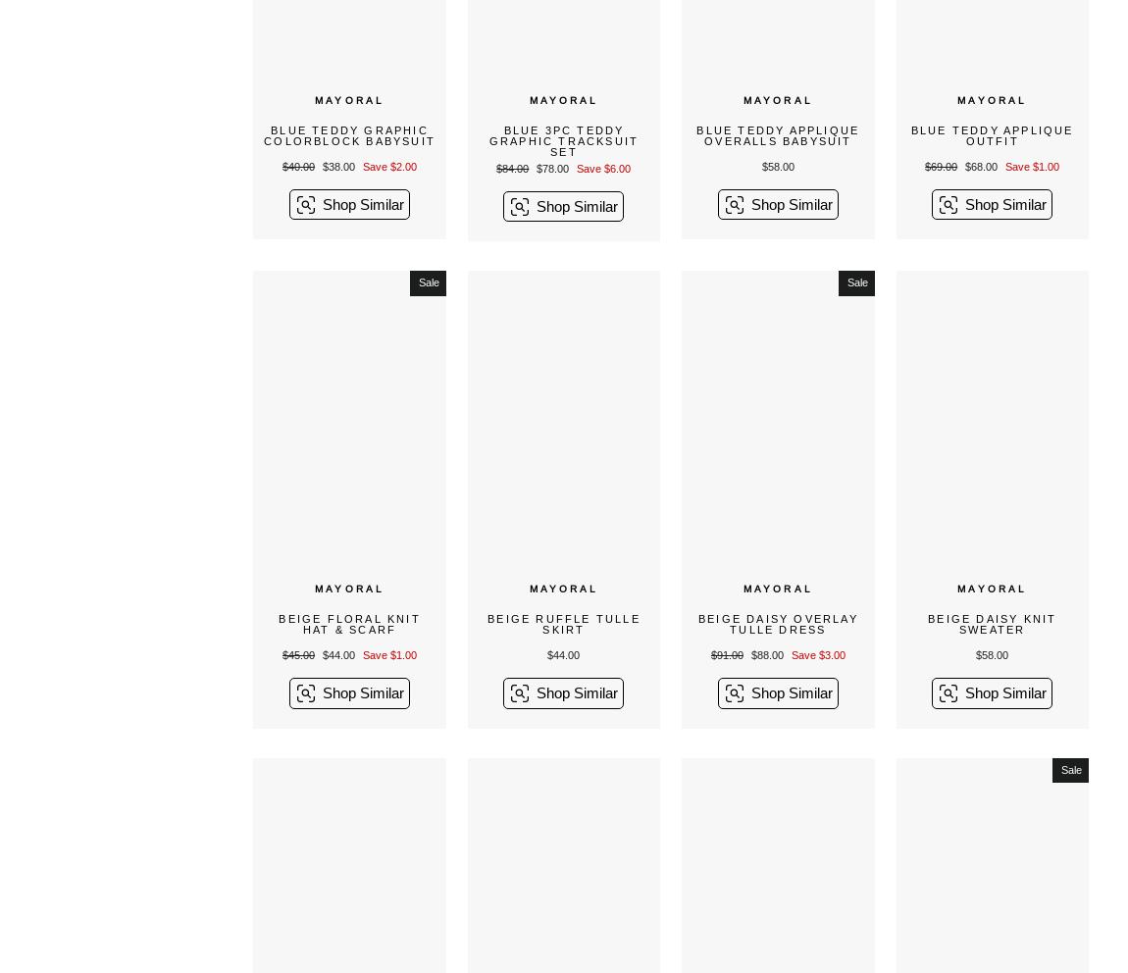 The image size is (1128, 973). Describe the element at coordinates (563, 140) in the screenshot. I see `'Blue 3pc Teddy Graphic Tracksuit Set'` at that location.